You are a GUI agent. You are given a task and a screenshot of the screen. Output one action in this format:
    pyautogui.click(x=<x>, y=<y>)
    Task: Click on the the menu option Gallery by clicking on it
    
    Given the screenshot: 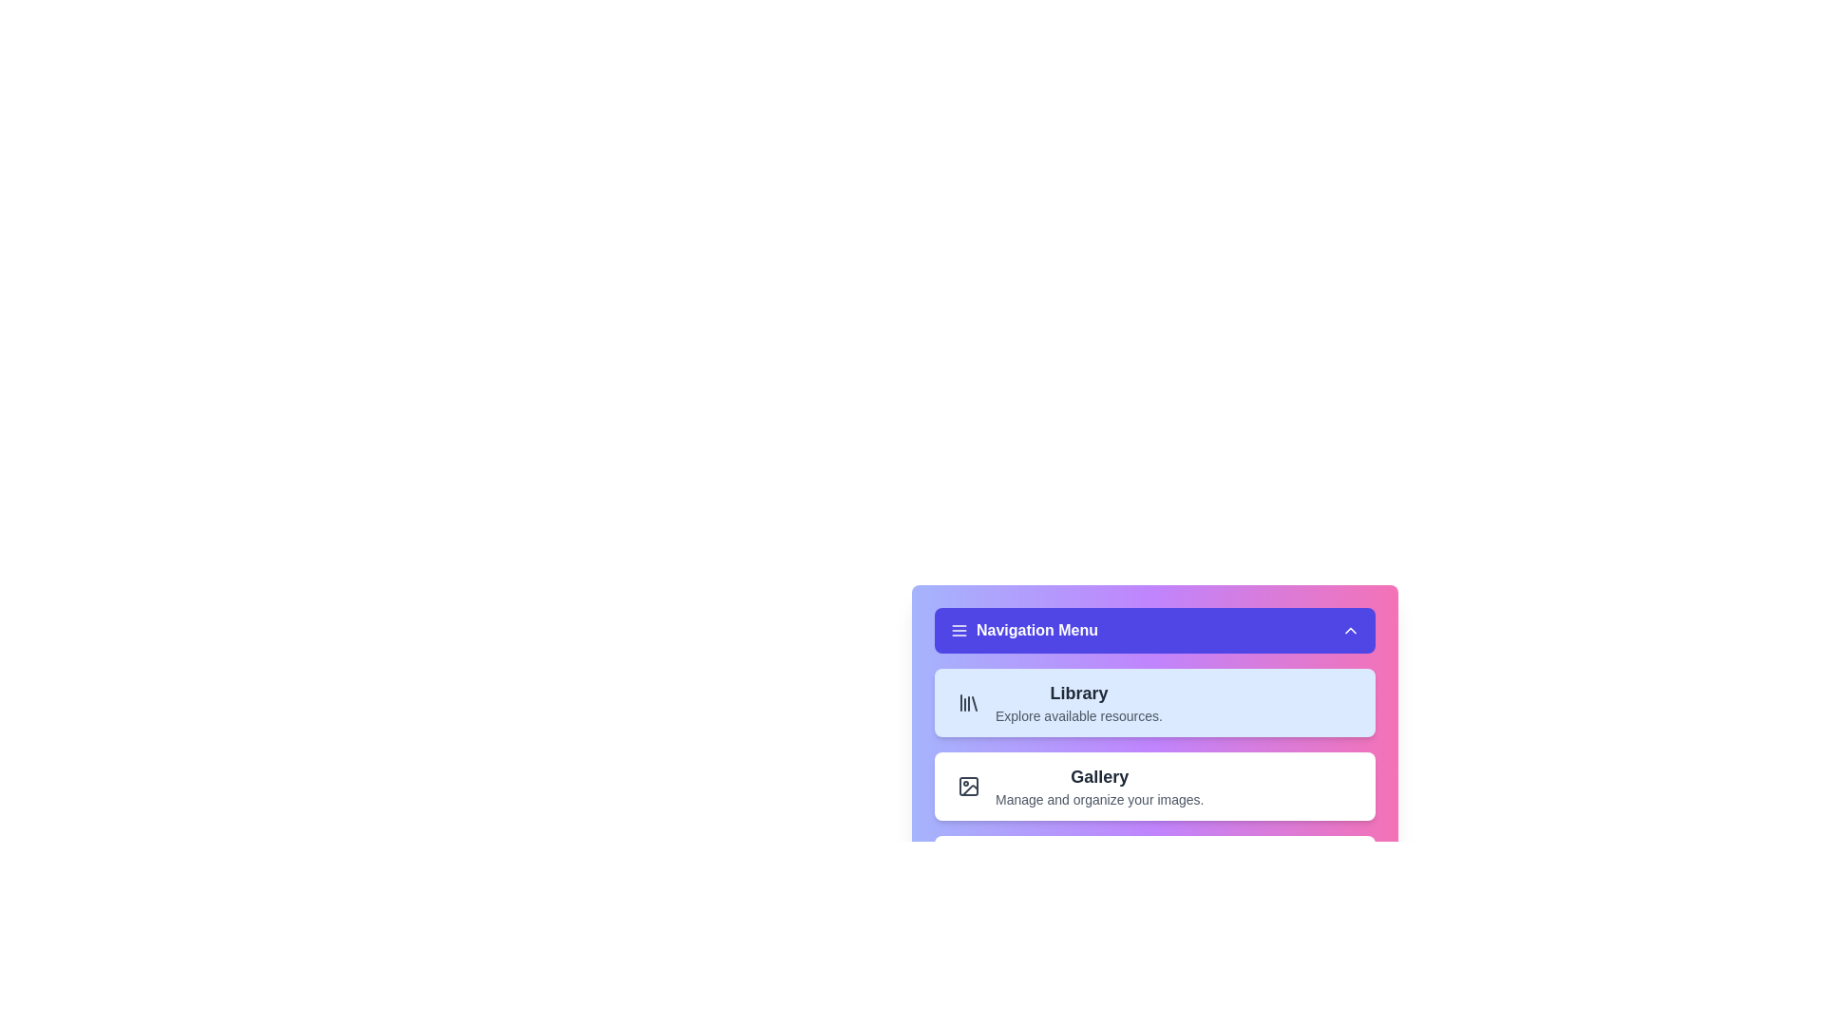 What is the action you would take?
    pyautogui.click(x=1153, y=787)
    